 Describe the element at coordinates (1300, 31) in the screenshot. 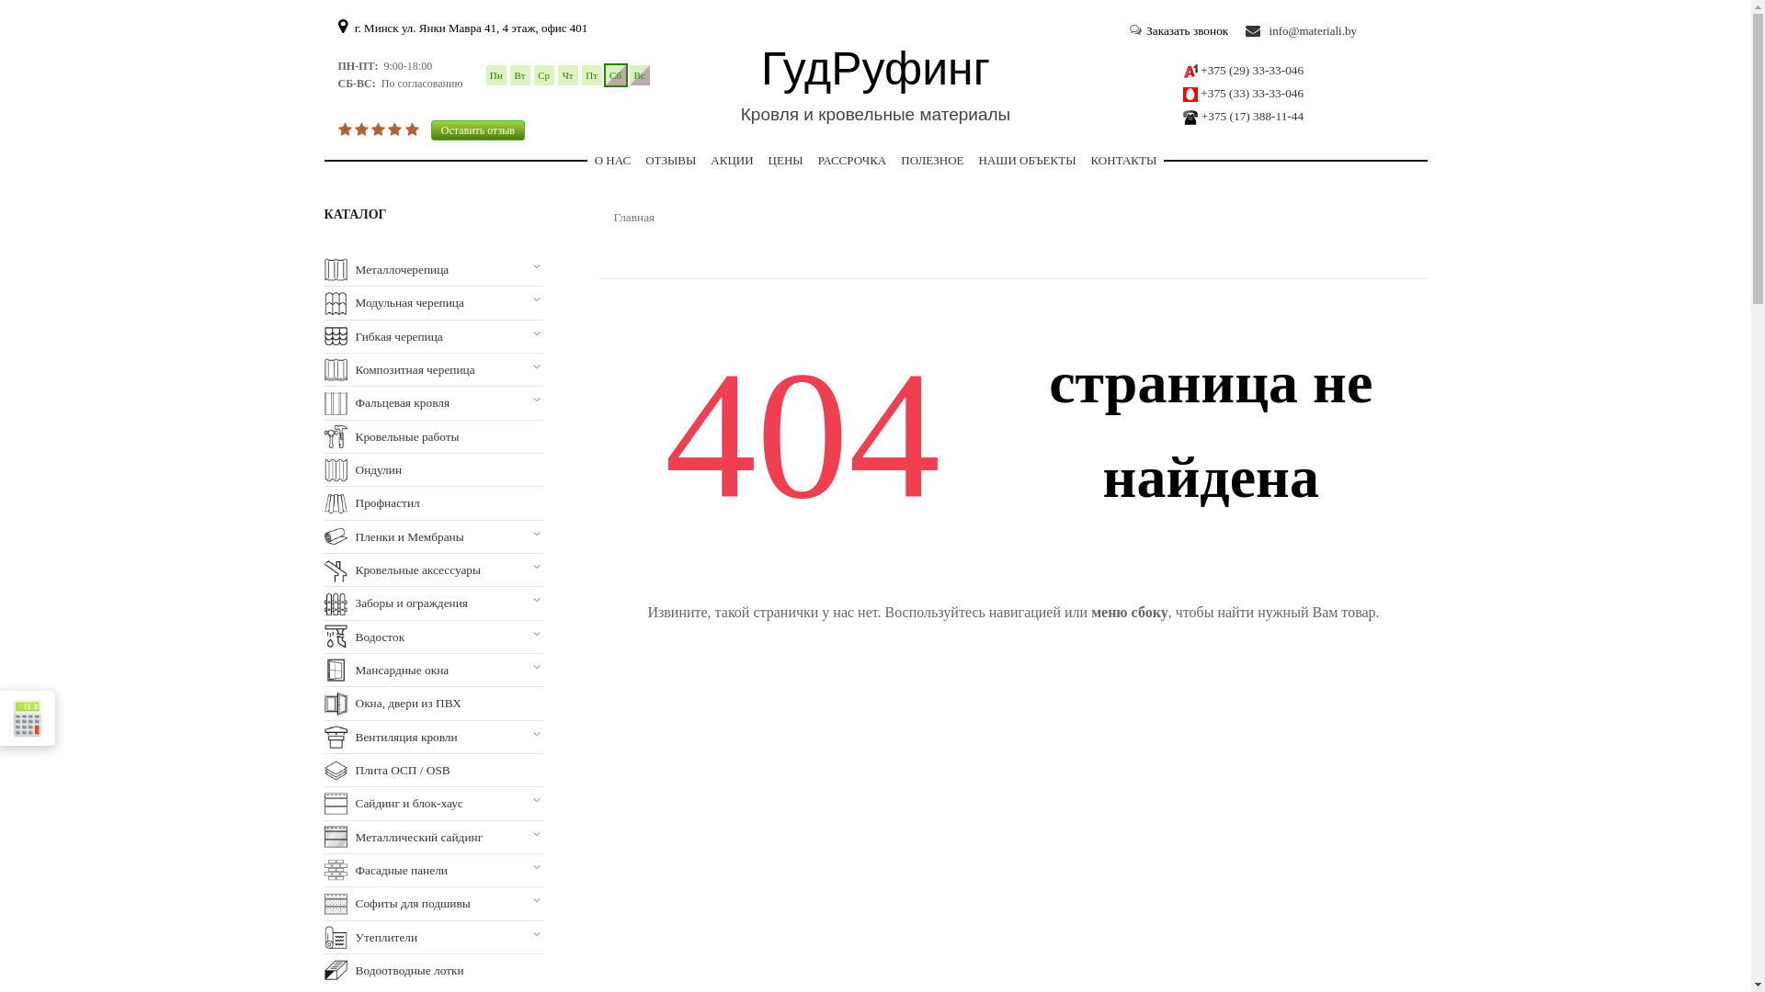

I see `'info@materiali.by'` at that location.